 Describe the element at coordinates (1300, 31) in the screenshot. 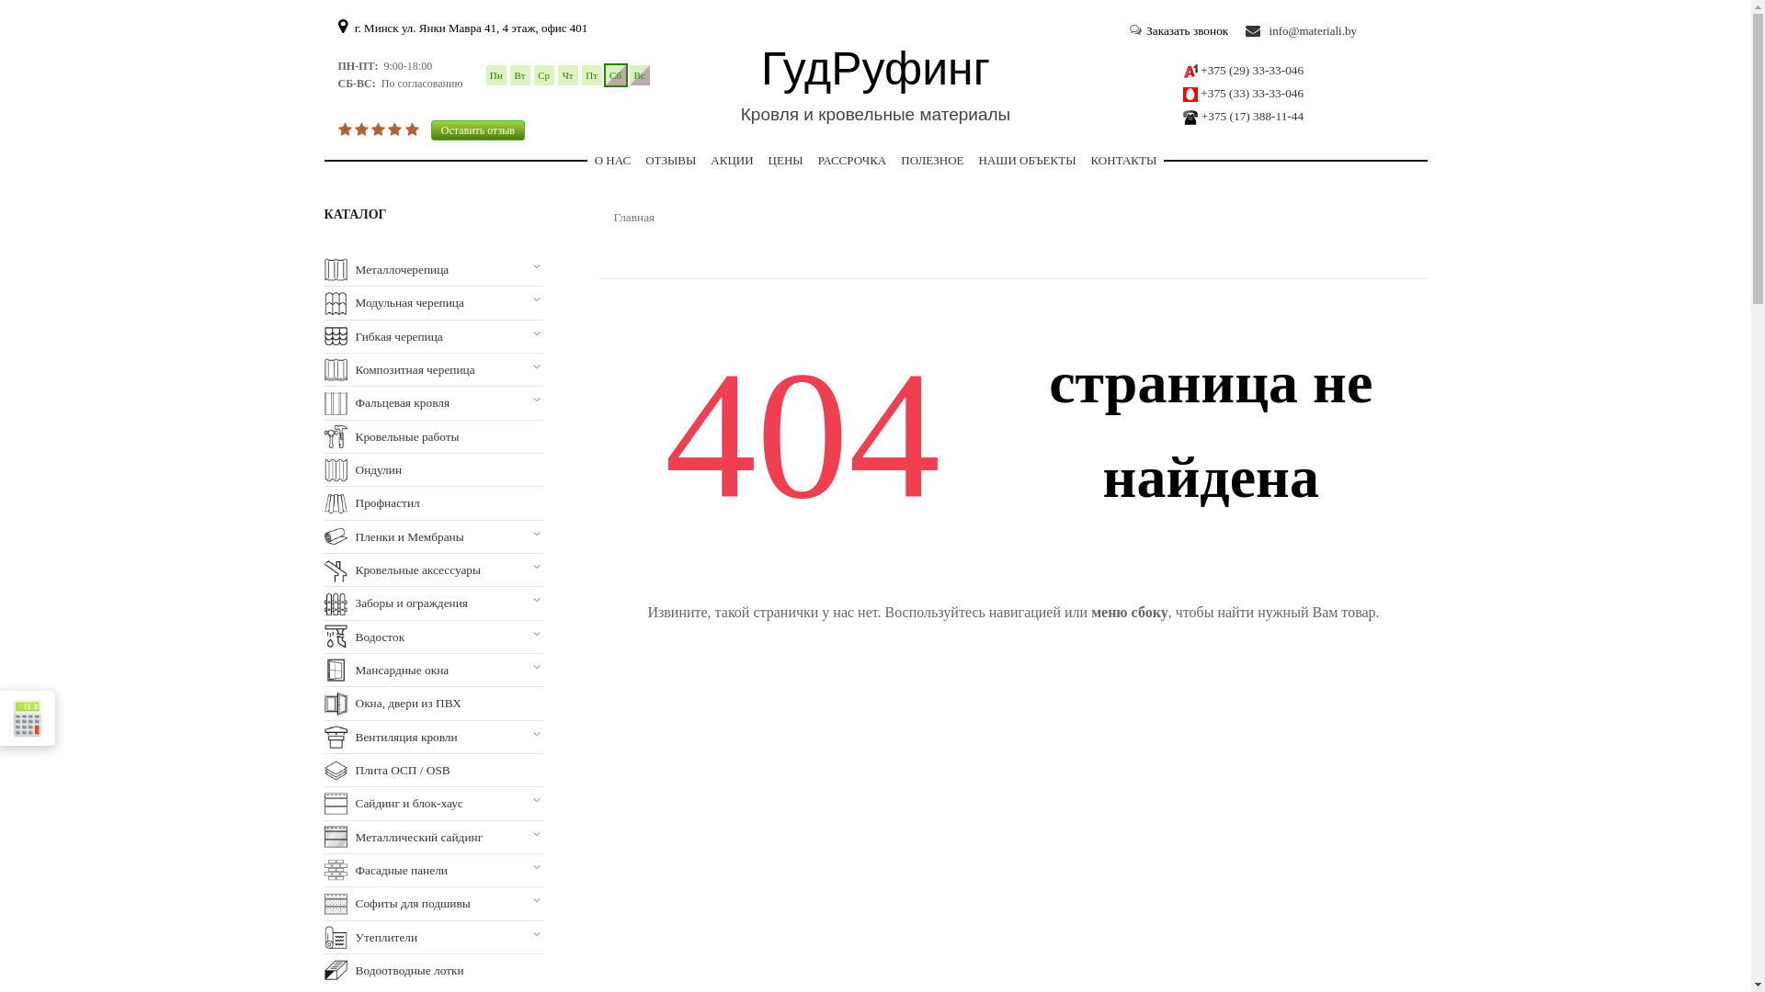

I see `'info@materiali.by'` at that location.